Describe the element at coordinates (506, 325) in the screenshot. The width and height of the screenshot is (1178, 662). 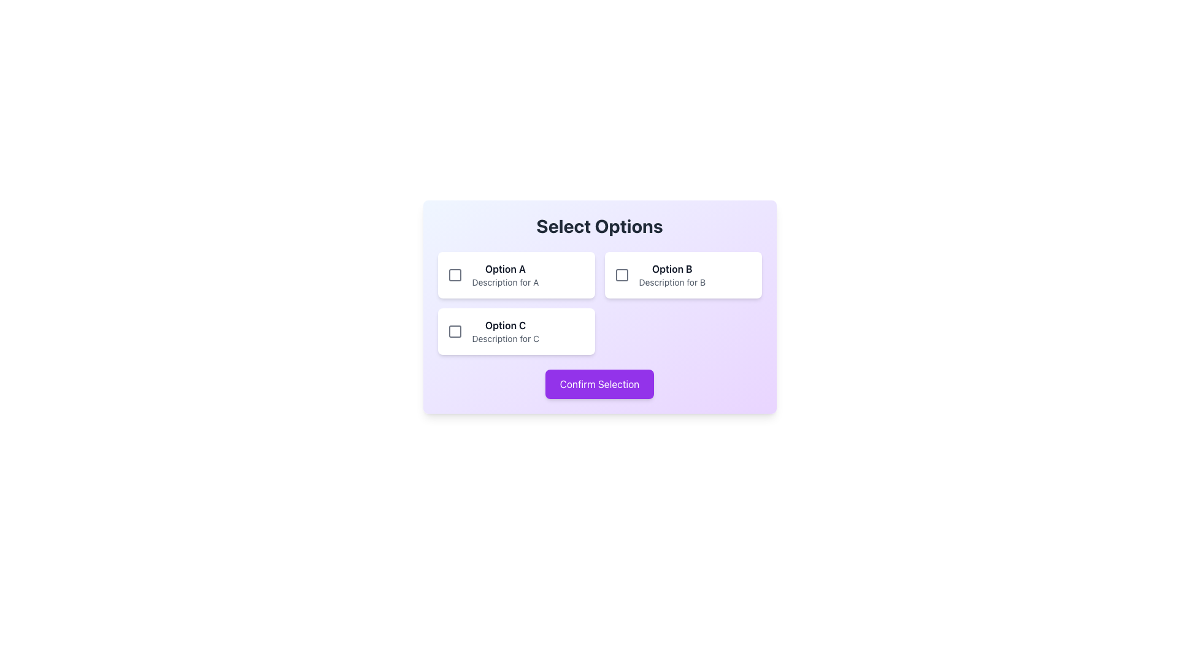
I see `the bold text label displaying 'Option C' which is styled in dark gray and located in the lower-left quadrant of the interface` at that location.